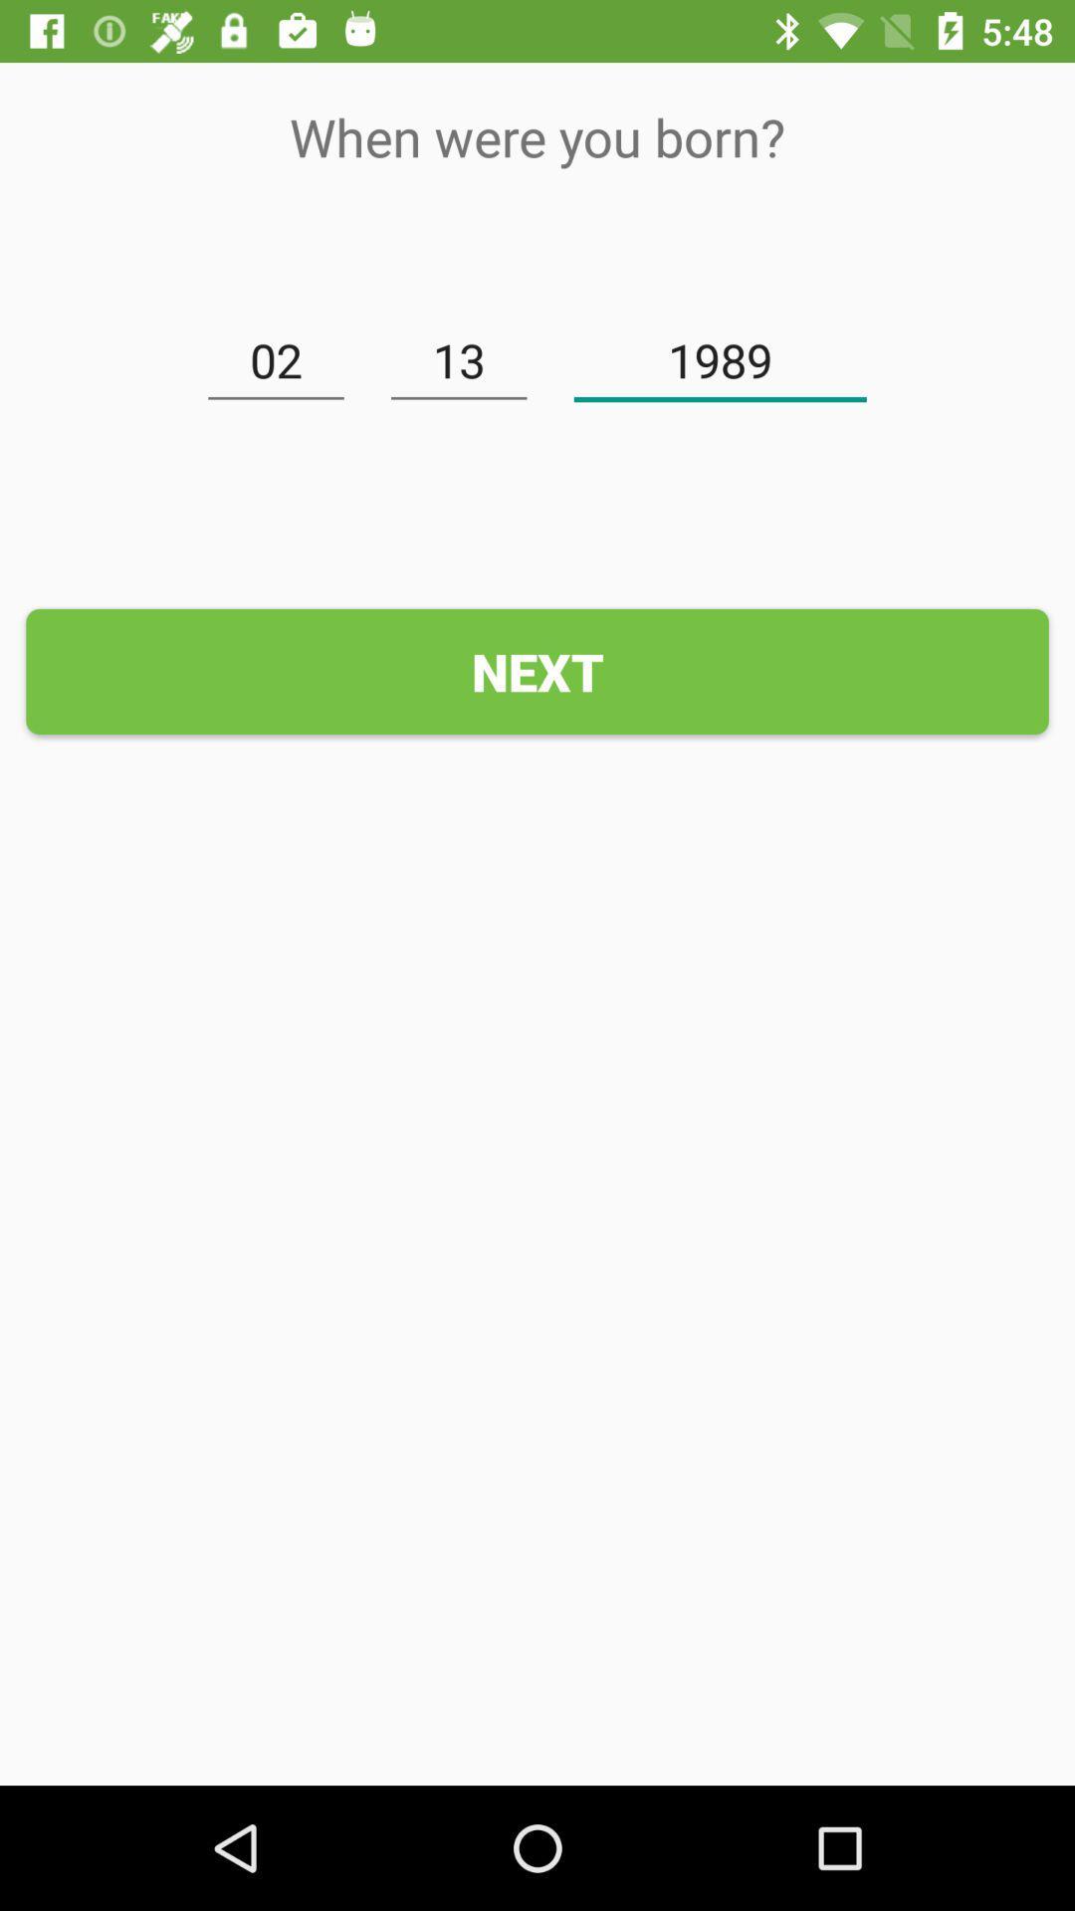  I want to click on the icon above next item, so click(276, 361).